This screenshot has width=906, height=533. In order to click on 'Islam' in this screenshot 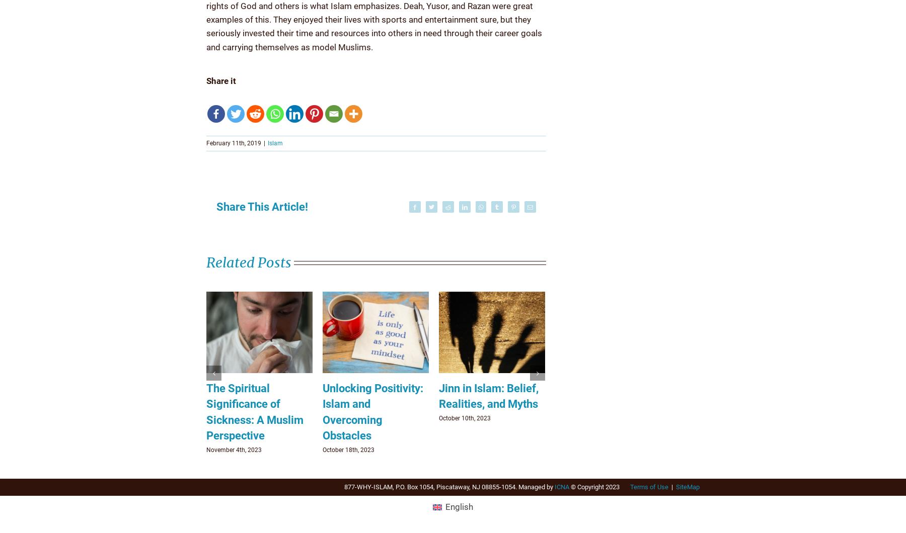, I will do `click(275, 142)`.